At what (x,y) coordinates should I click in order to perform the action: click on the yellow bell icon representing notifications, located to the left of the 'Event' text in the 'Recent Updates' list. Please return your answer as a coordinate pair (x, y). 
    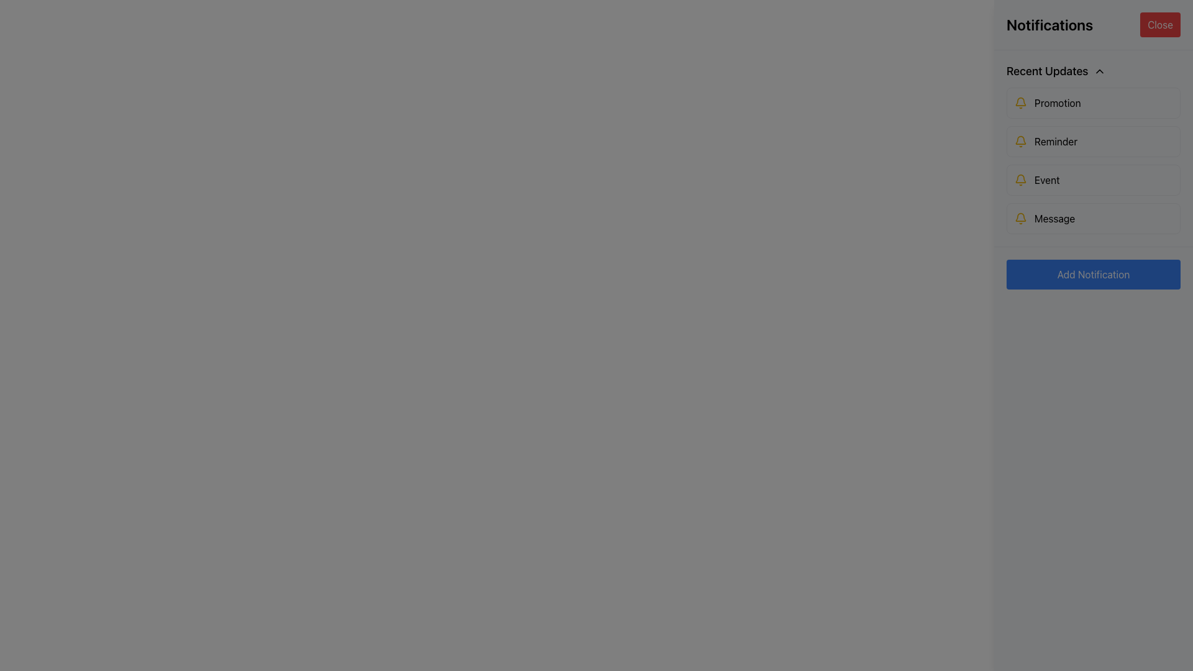
    Looking at the image, I should click on (1020, 180).